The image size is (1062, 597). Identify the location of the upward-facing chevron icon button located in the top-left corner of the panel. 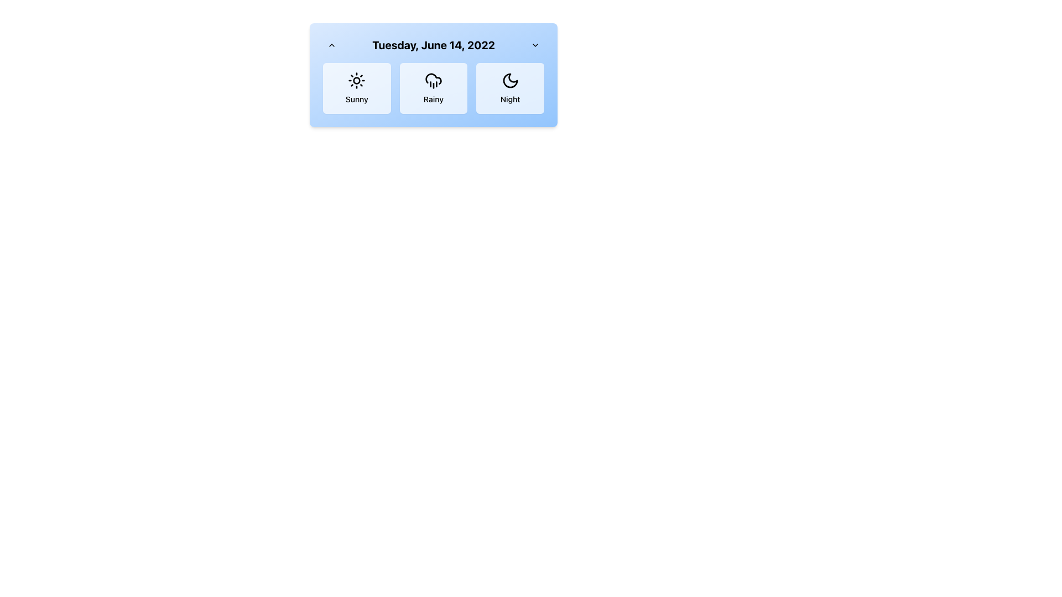
(331, 44).